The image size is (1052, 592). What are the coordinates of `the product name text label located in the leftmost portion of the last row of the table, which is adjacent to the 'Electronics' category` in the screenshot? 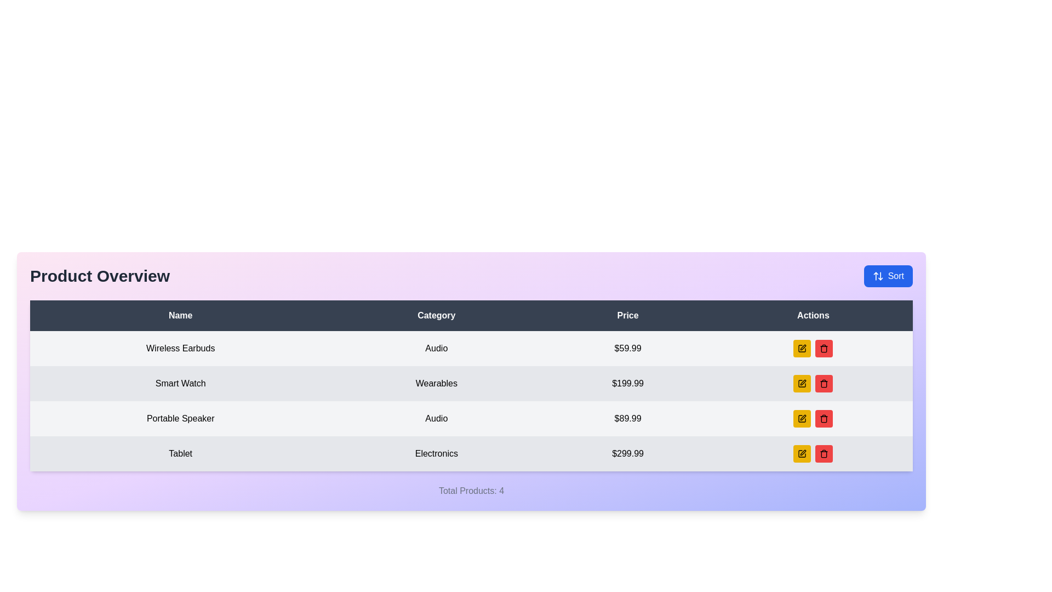 It's located at (180, 454).